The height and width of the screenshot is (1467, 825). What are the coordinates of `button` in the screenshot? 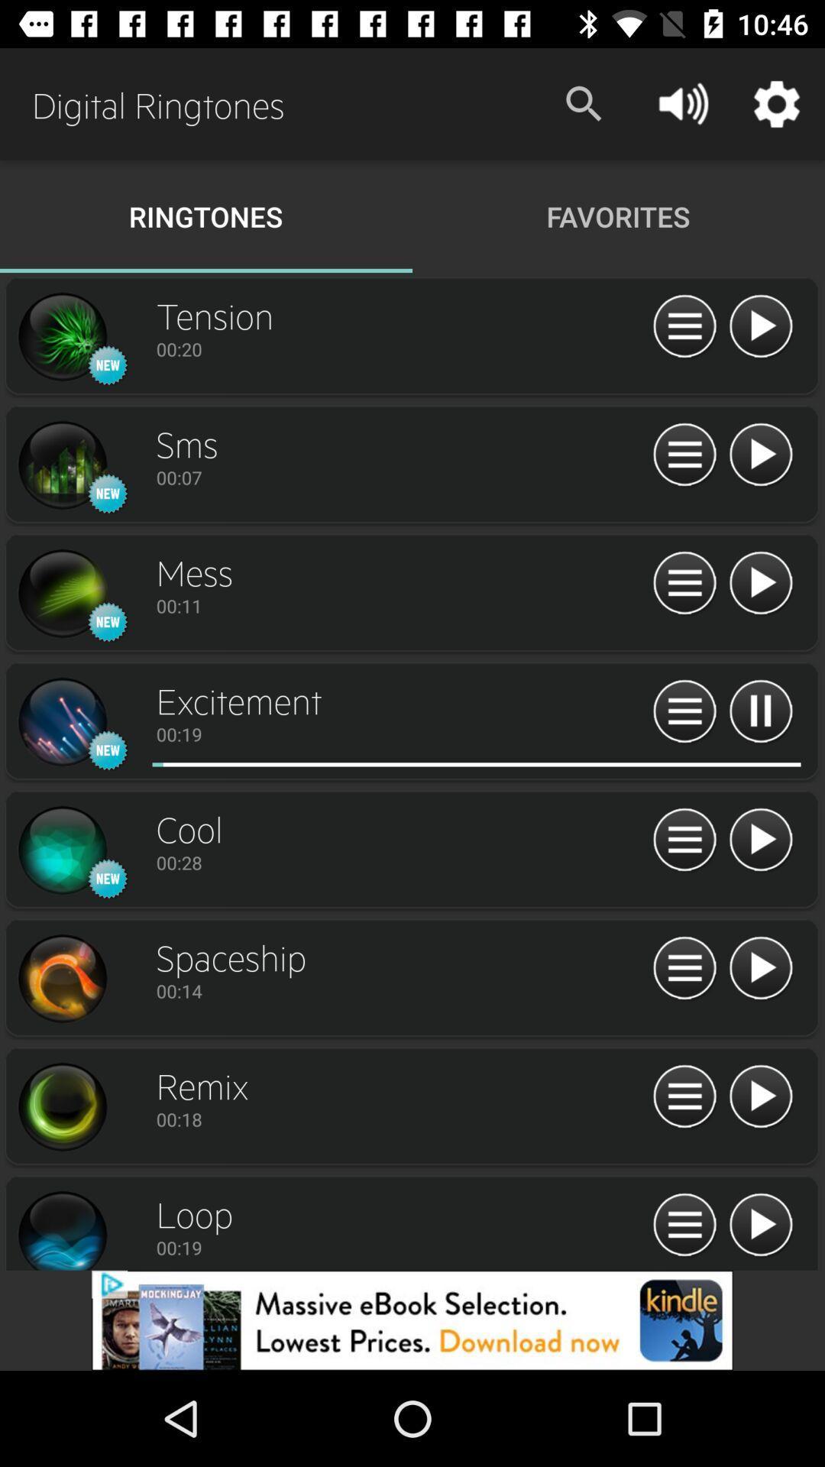 It's located at (760, 326).